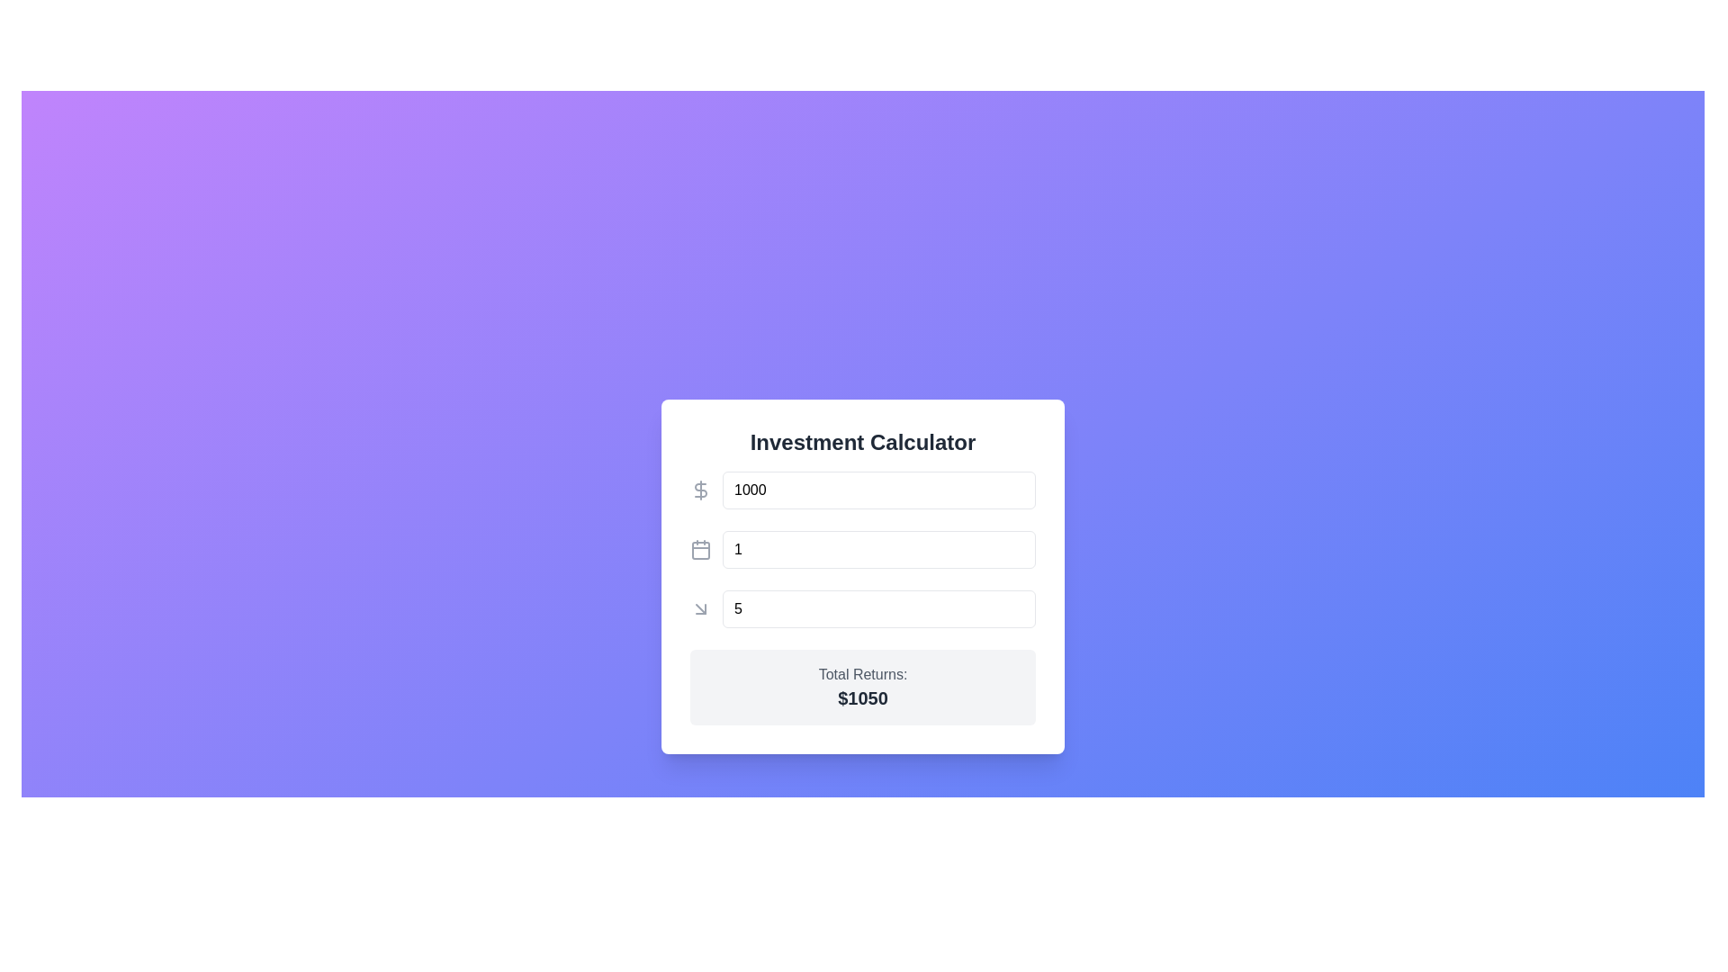  I want to click on the rounded rectangle element inside the calendar icon, which is located to the left of the input field in the second row of the form layout, so click(699, 550).